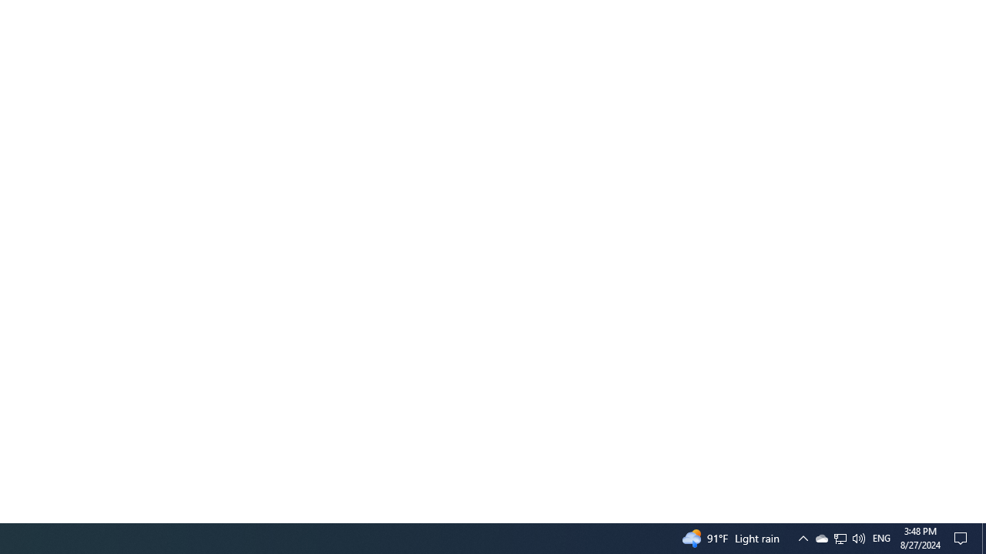  Describe the element at coordinates (857, 537) in the screenshot. I see `'Q2790: 100%'` at that location.